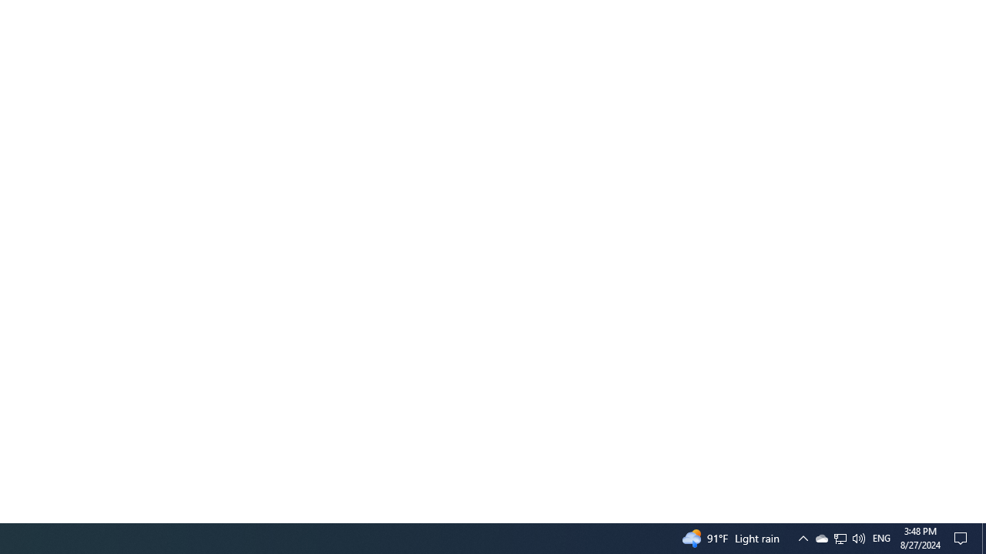  Describe the element at coordinates (857, 537) in the screenshot. I see `'Q2790: 100%'` at that location.